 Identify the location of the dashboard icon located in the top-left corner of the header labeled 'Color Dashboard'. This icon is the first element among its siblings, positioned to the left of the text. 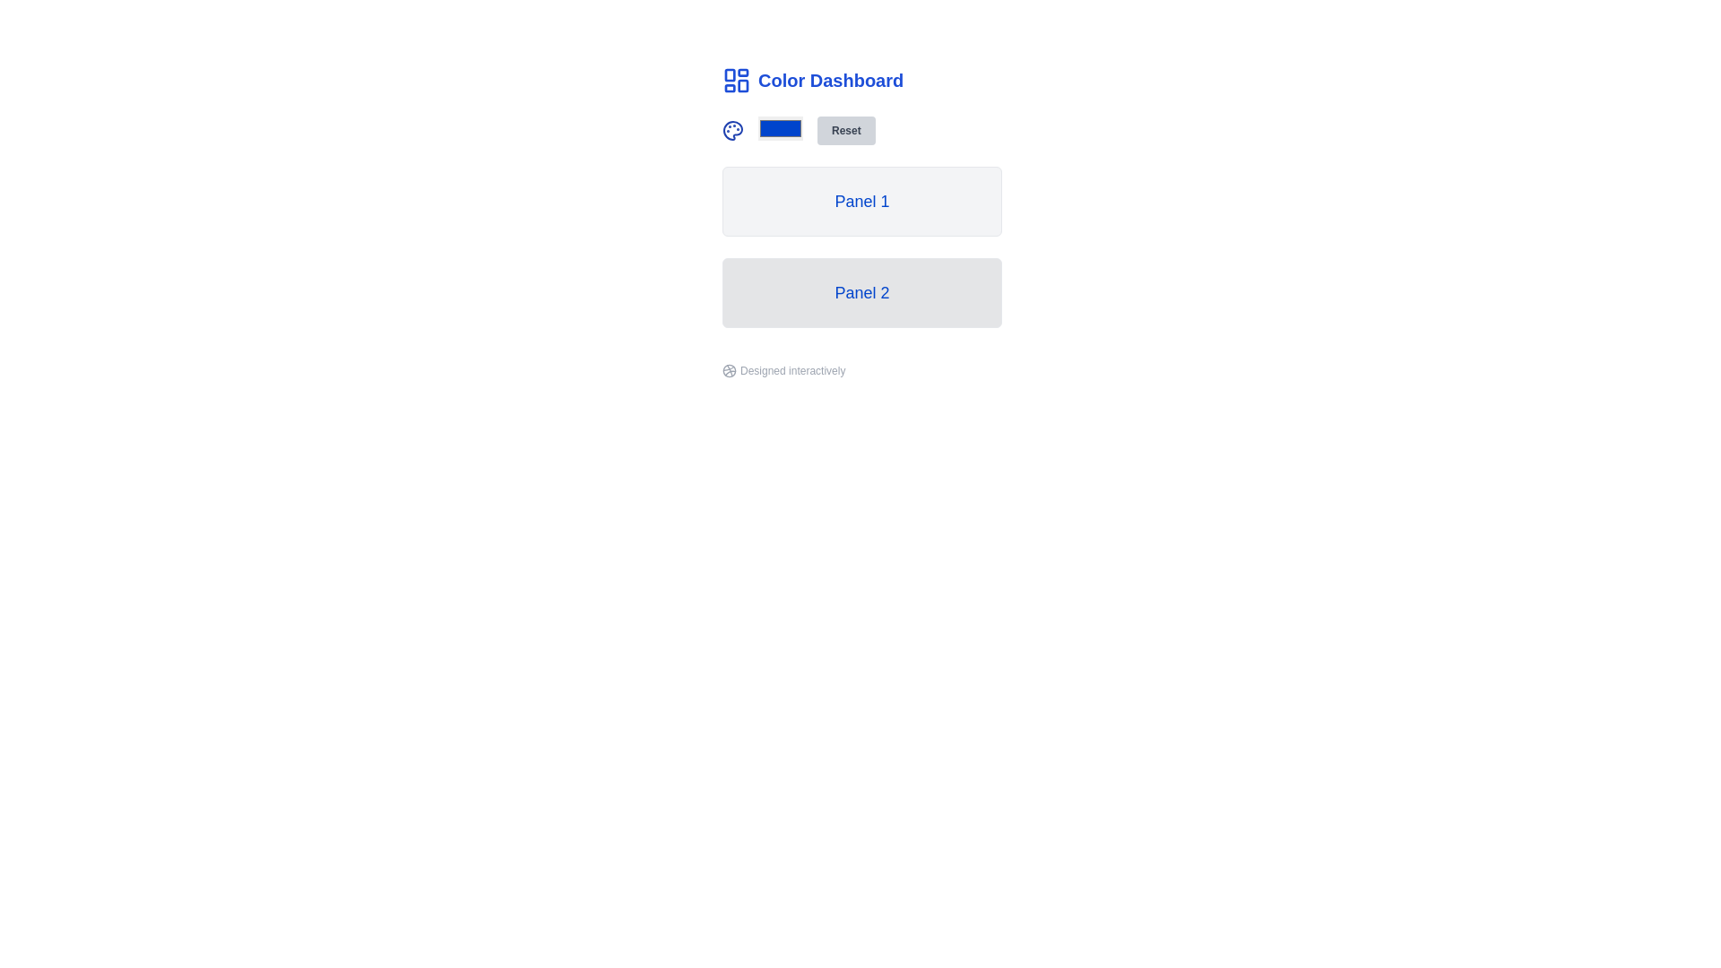
(736, 79).